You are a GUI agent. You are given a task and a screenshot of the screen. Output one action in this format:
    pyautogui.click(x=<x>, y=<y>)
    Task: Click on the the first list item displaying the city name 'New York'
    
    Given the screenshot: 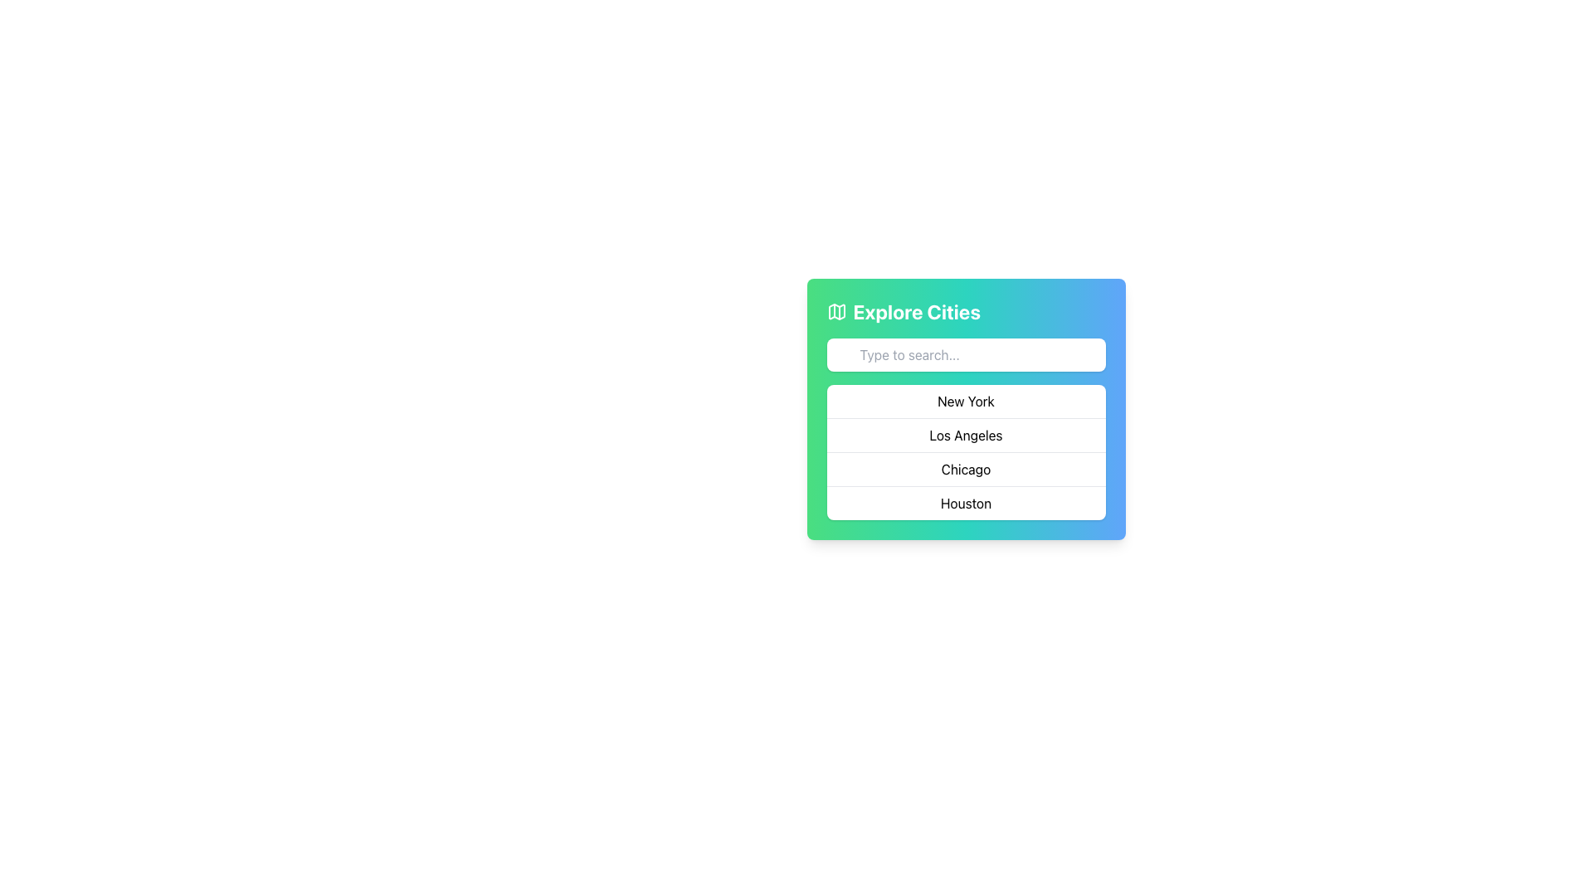 What is the action you would take?
    pyautogui.click(x=966, y=401)
    